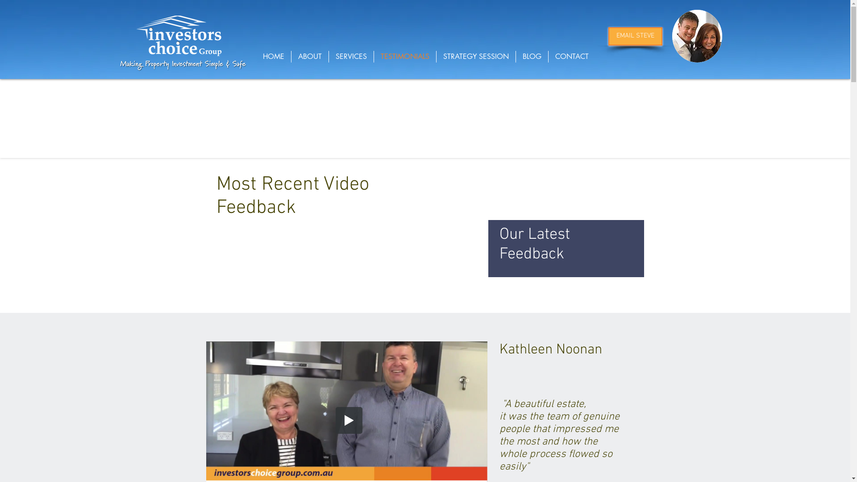 This screenshot has height=482, width=857. What do you see at coordinates (350, 57) in the screenshot?
I see `'SERVICES'` at bounding box center [350, 57].